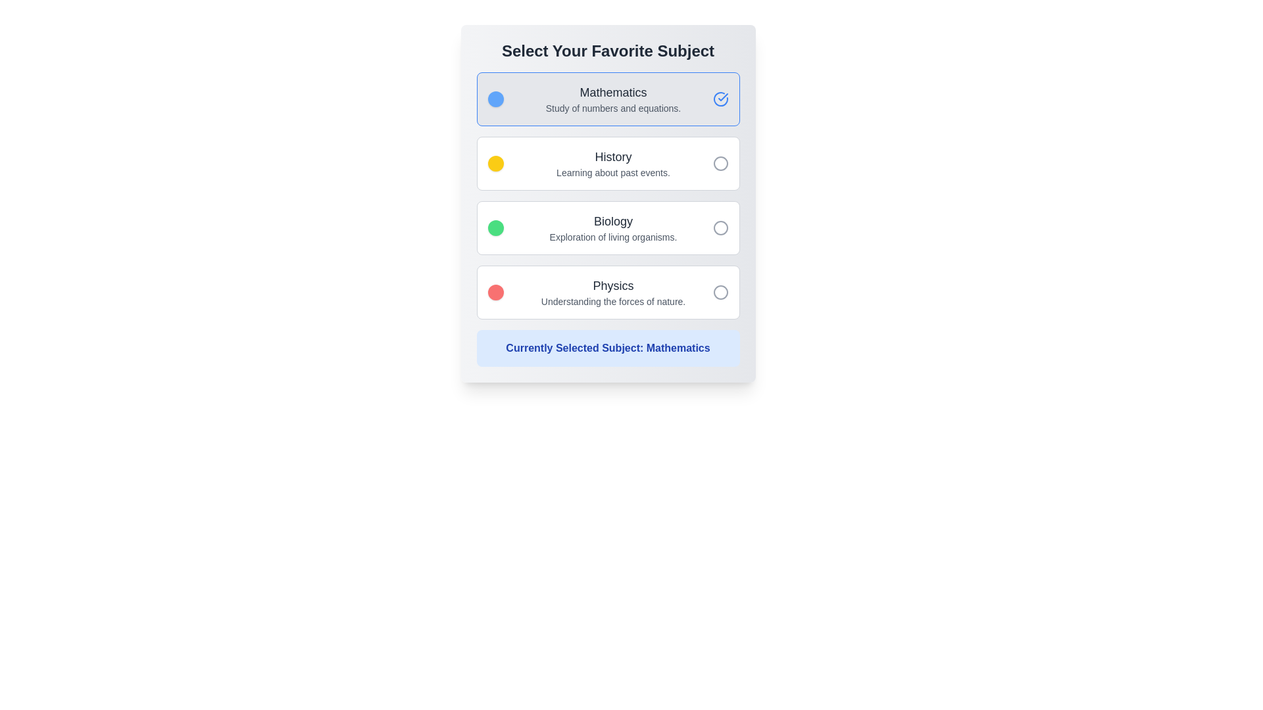 Image resolution: width=1263 pixels, height=710 pixels. I want to click on the subject associated with the Decorative Badge that visually indicates the option for 'Biology', so click(495, 227).